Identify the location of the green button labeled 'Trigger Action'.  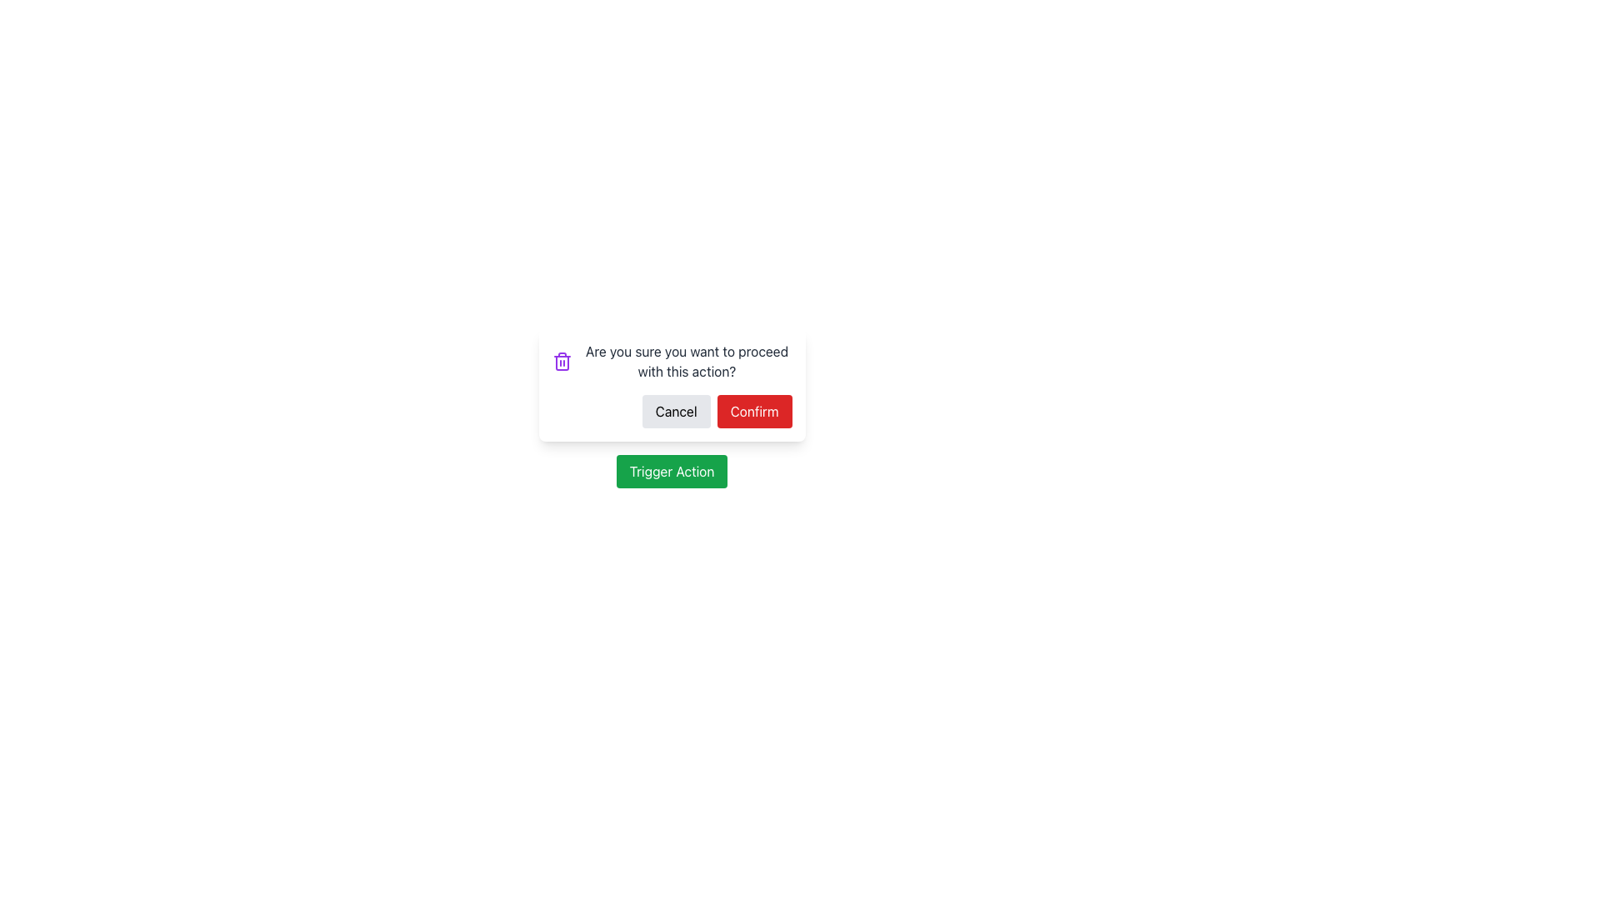
(672, 472).